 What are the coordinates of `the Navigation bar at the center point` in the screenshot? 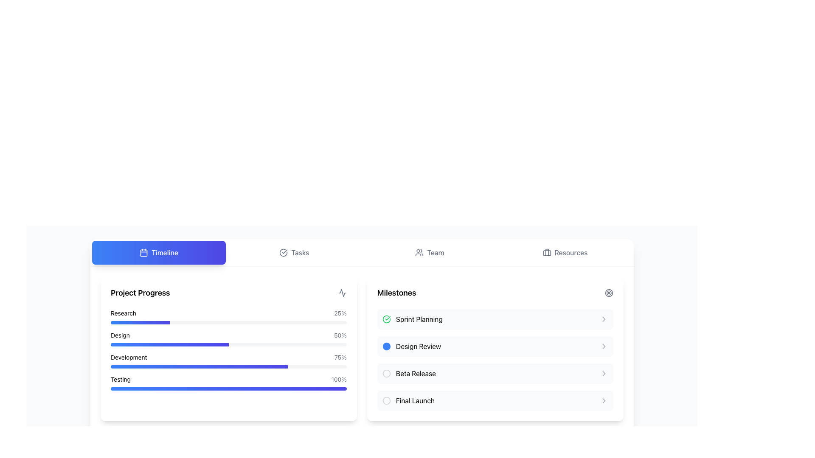 It's located at (362, 252).